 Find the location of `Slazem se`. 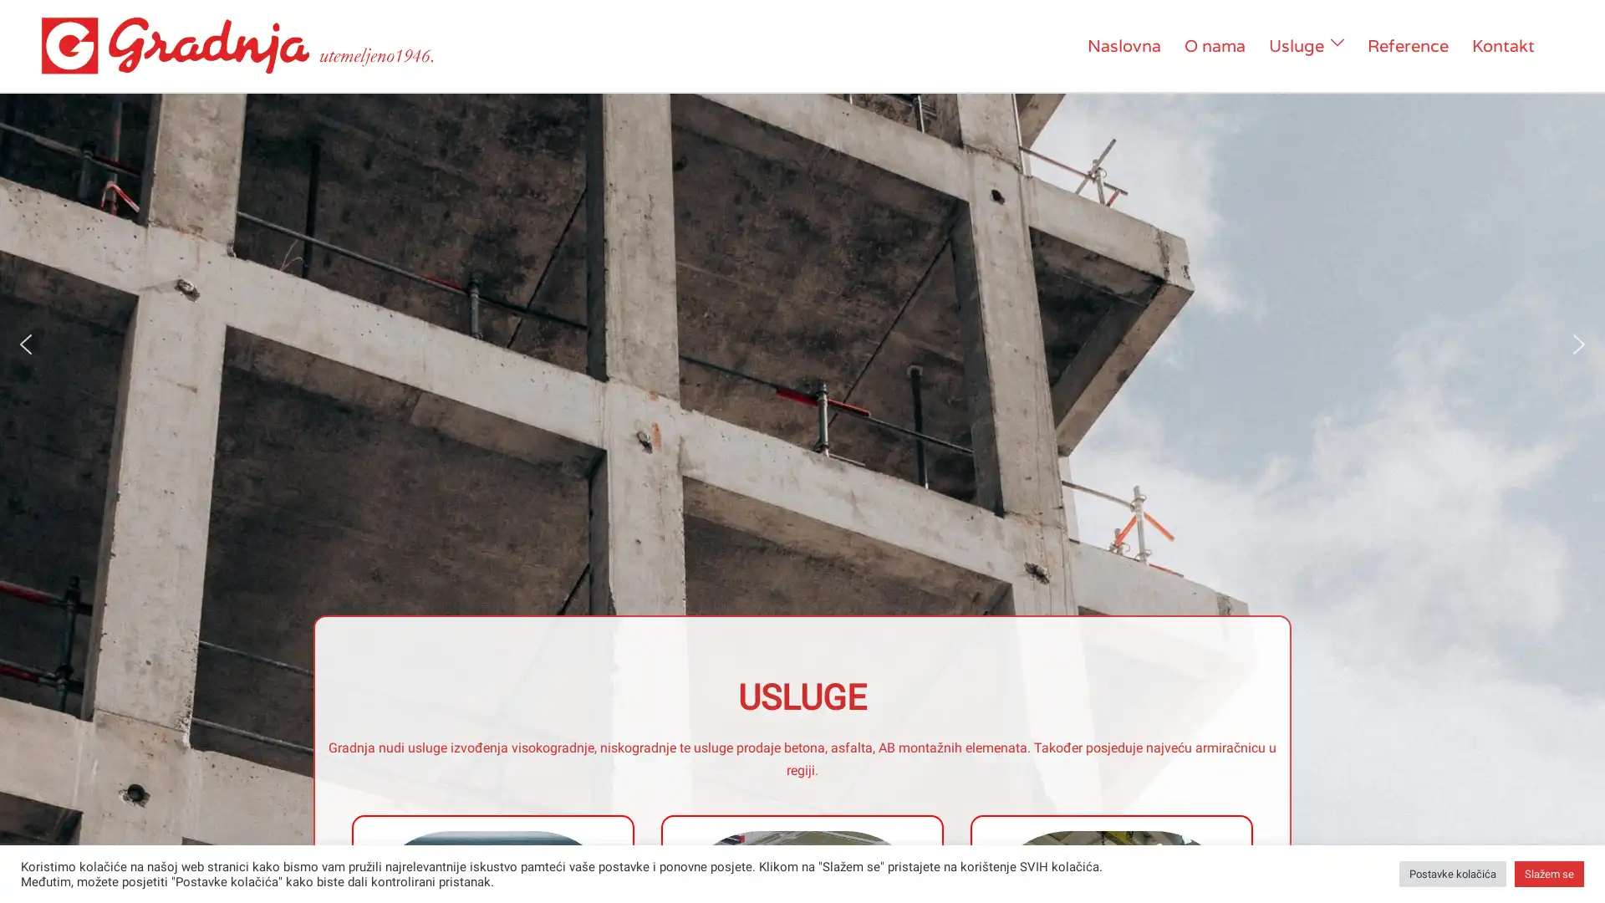

Slazem se is located at coordinates (1548, 873).